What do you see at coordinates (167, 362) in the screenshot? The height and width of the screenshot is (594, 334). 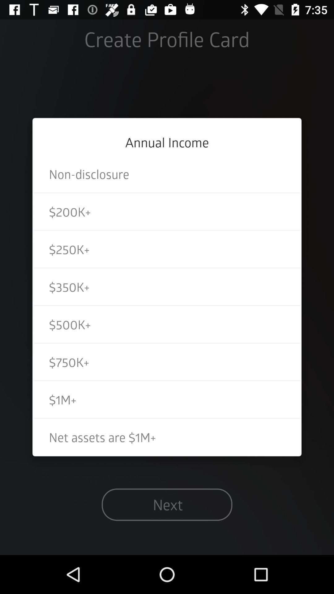 I see `icon above the $1m+ icon` at bounding box center [167, 362].